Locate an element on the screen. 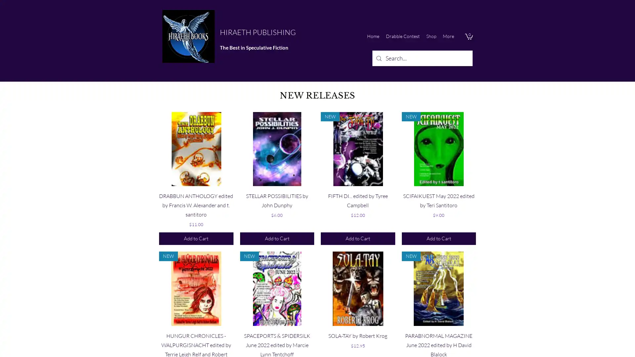  Quick View is located at coordinates (357, 334).